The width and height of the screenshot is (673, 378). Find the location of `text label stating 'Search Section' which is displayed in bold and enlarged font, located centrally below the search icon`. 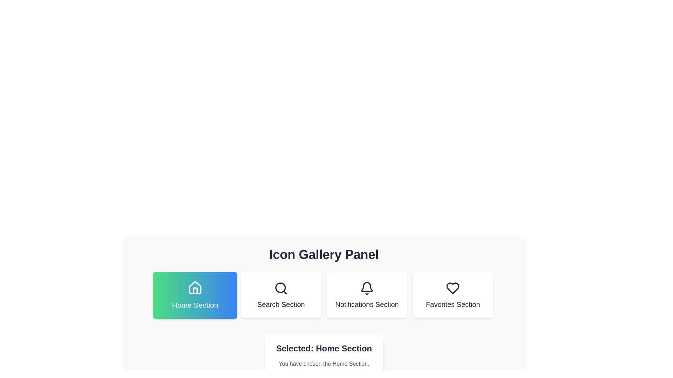

text label stating 'Search Section' which is displayed in bold and enlarged font, located centrally below the search icon is located at coordinates (281, 304).